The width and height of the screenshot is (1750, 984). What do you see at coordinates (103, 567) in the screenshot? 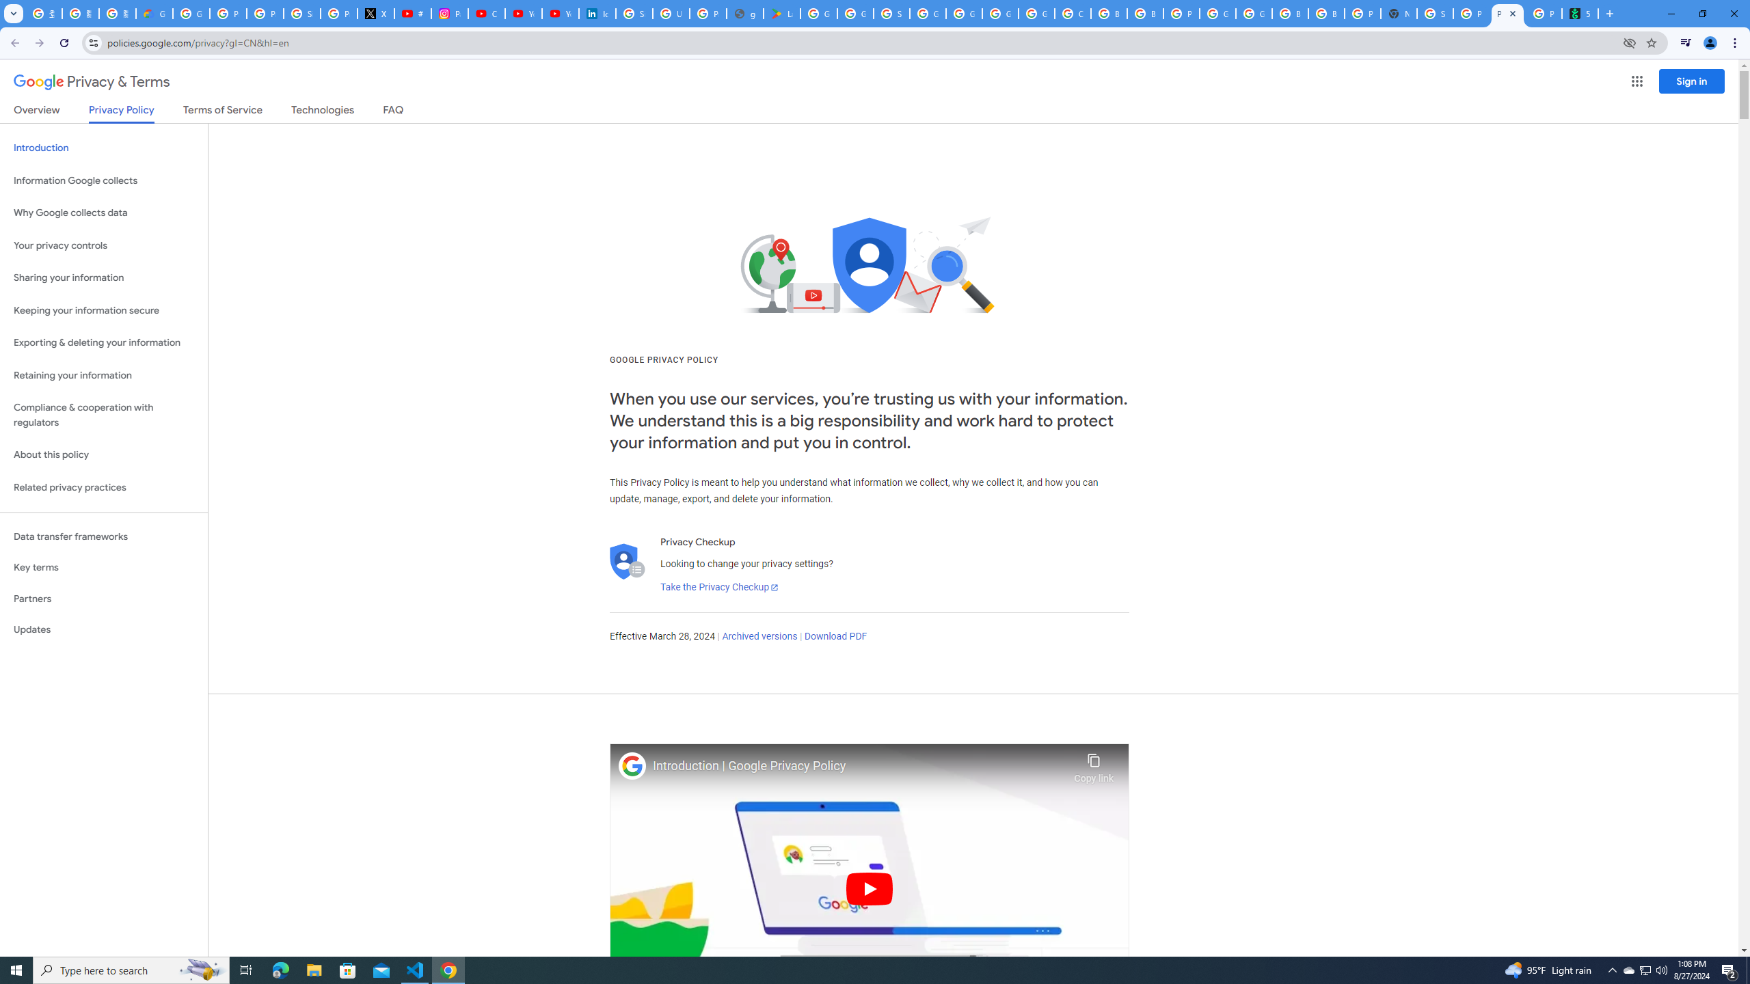
I see `'Key terms'` at bounding box center [103, 567].